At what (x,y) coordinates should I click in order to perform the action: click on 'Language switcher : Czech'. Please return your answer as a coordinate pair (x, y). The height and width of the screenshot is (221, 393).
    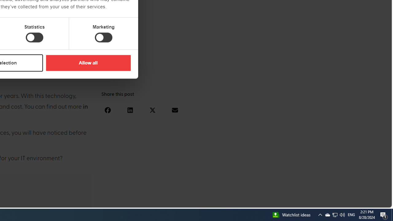
    Looking at the image, I should click on (370, 202).